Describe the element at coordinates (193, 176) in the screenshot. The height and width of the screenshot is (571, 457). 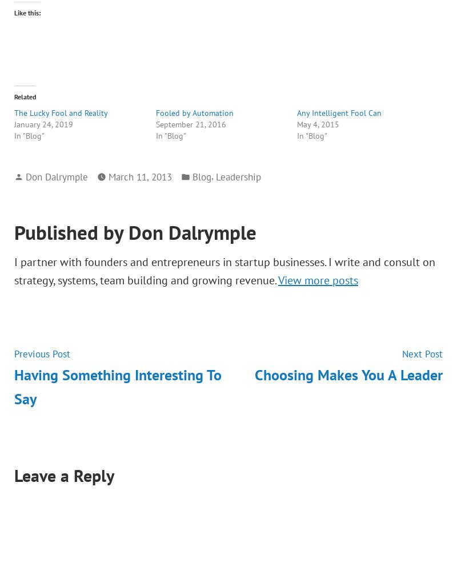
I see `'Blog'` at that location.